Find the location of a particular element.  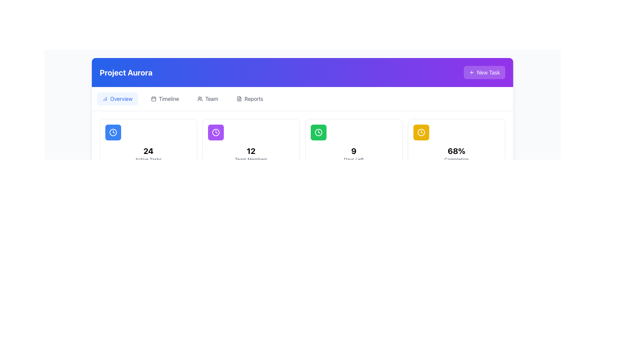

the clock icon, which is the first icon in a row of metrics, featuring a circular frame and clock hand design, contained within a blue circular background is located at coordinates (113, 132).